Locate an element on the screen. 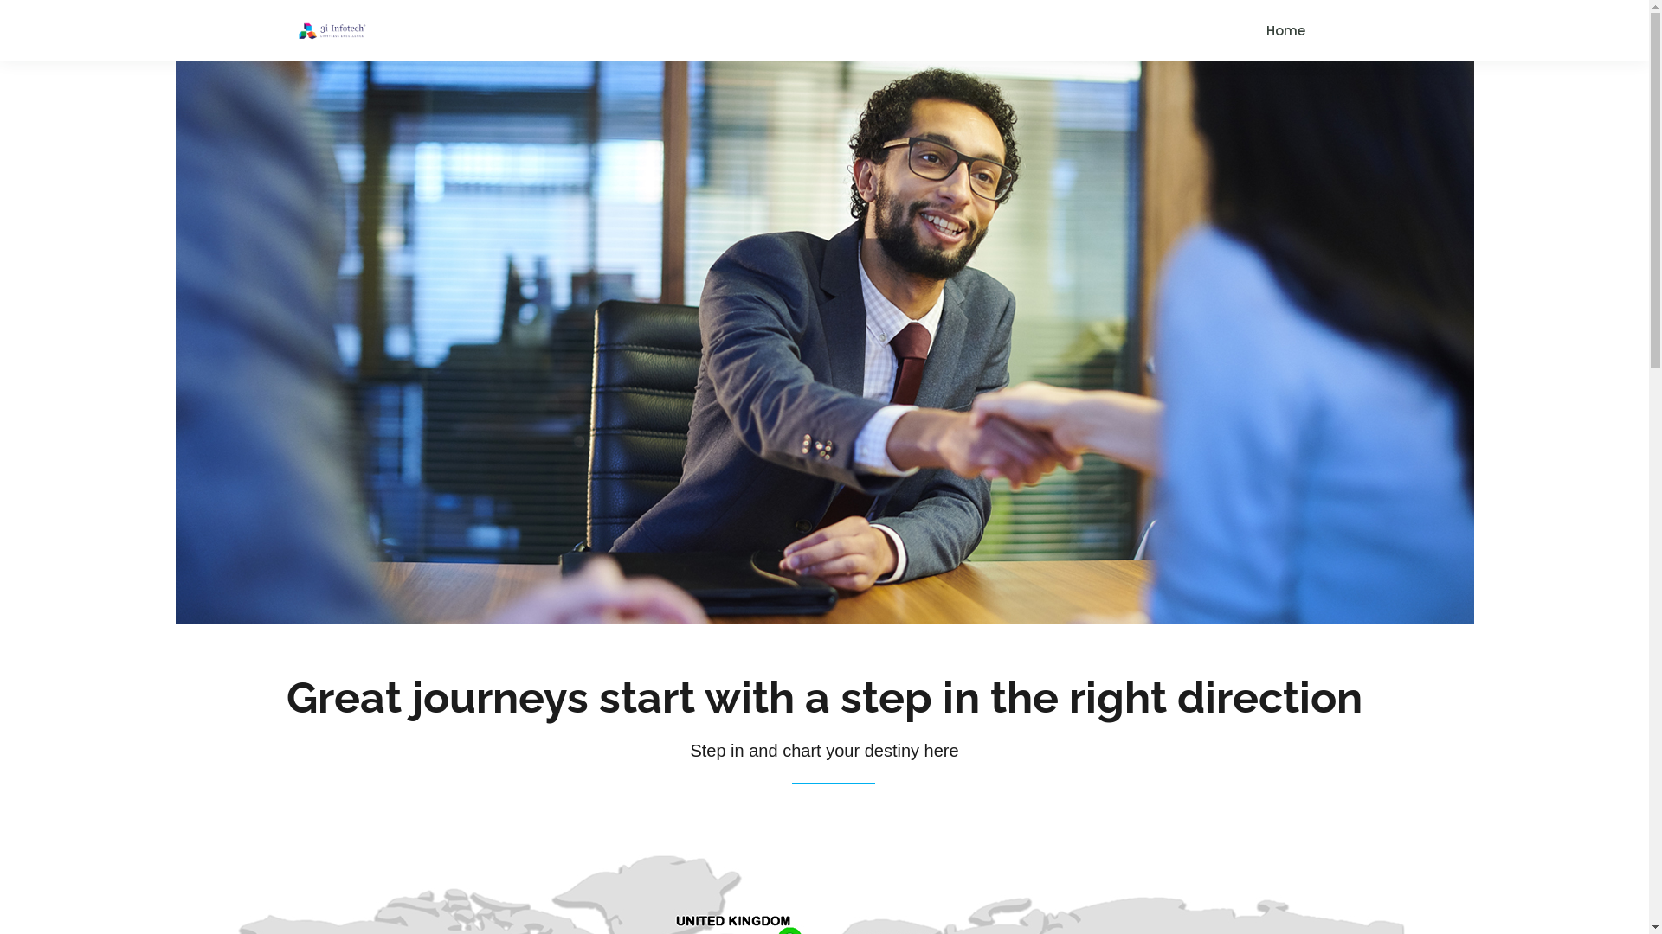  'Home' is located at coordinates (1285, 30).